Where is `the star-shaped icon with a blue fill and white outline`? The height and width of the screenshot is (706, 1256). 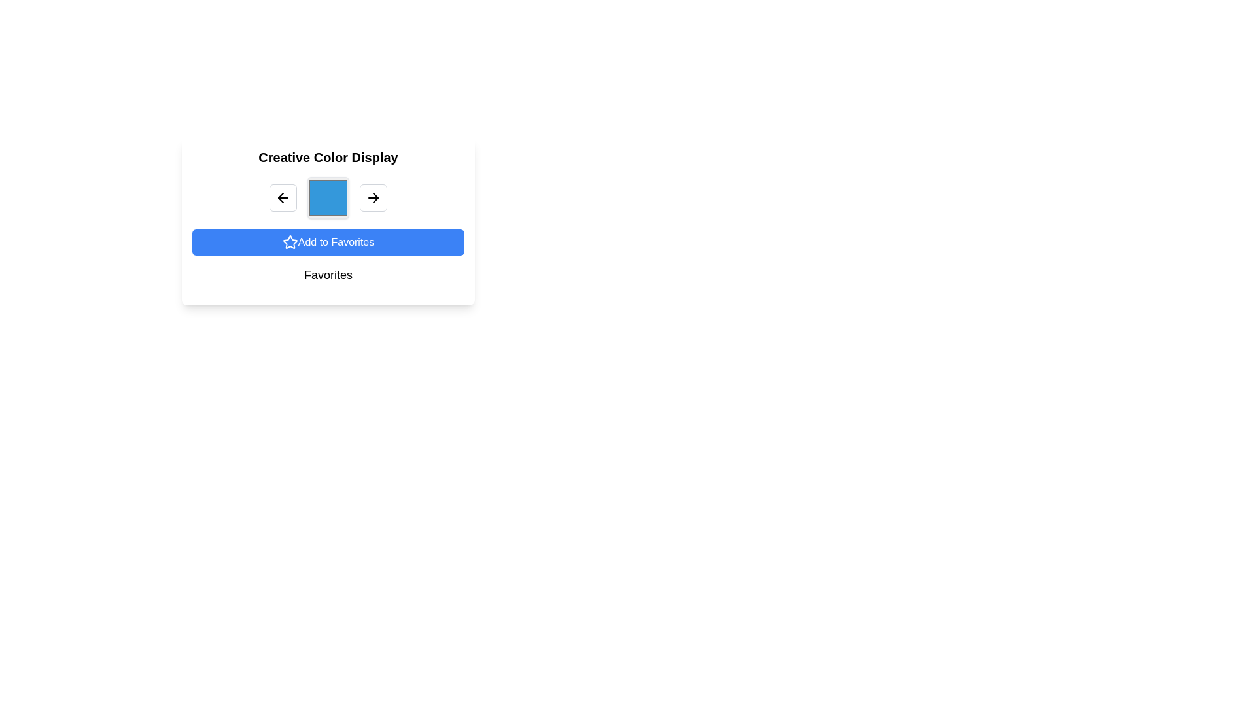 the star-shaped icon with a blue fill and white outline is located at coordinates (289, 242).